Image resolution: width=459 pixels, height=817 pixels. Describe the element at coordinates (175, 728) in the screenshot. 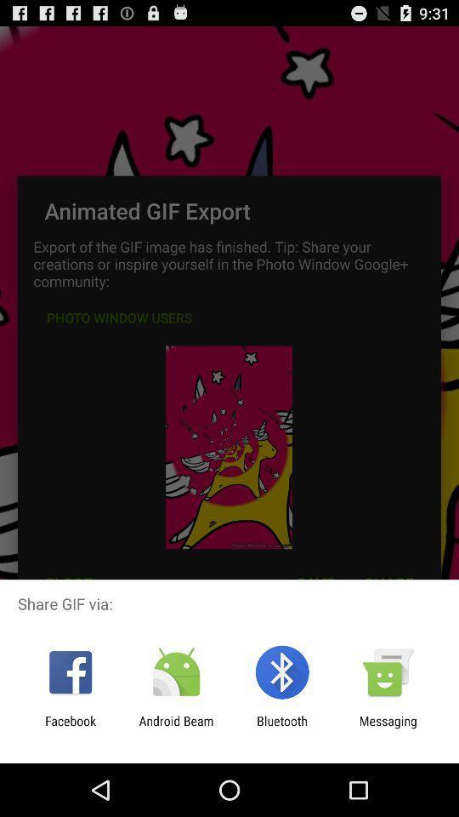

I see `the android beam app` at that location.